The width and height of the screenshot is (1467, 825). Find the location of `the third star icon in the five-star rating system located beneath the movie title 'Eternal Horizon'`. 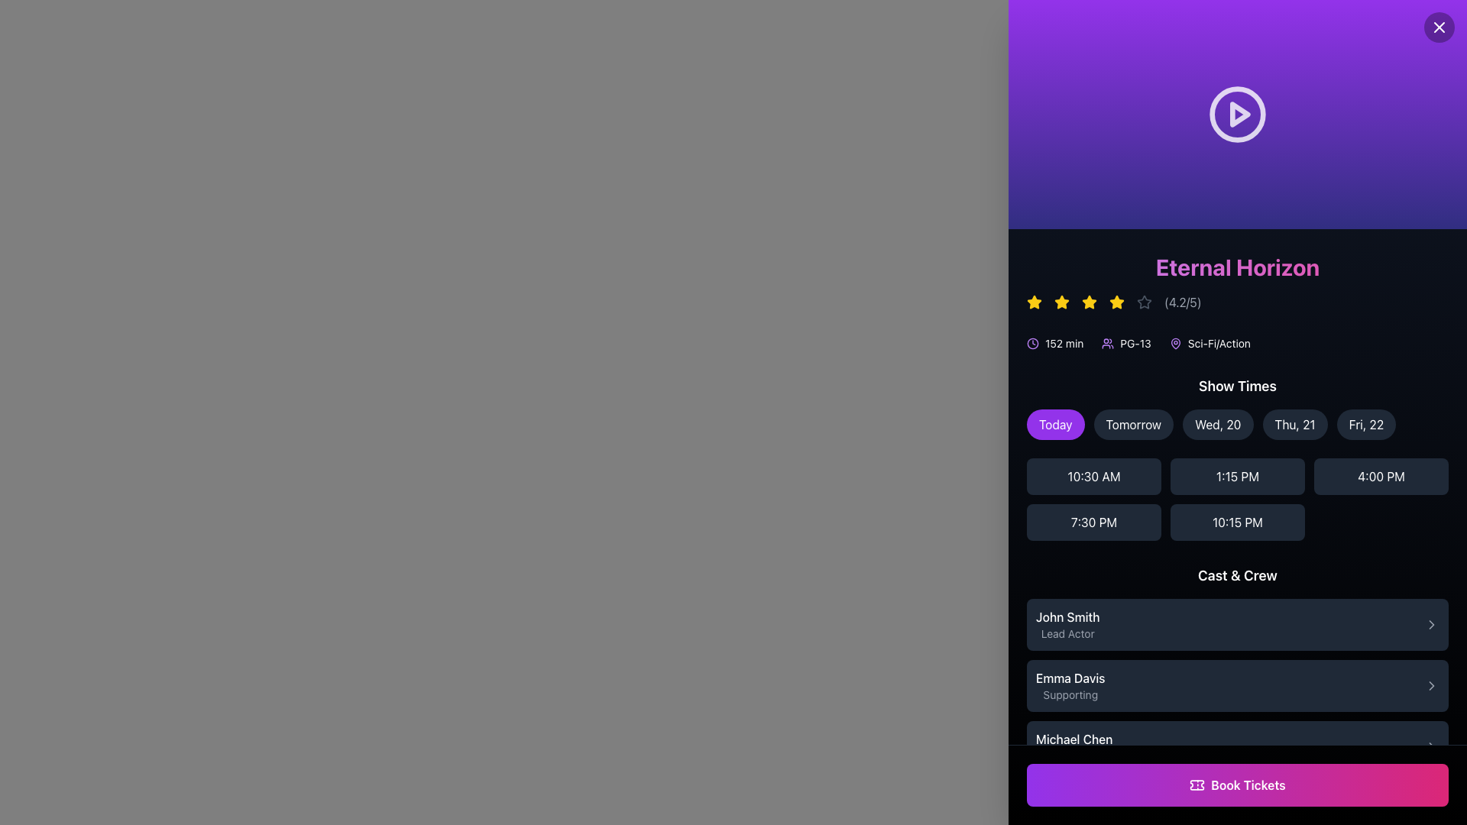

the third star icon in the five-star rating system located beneath the movie title 'Eternal Horizon' is located at coordinates (1061, 302).